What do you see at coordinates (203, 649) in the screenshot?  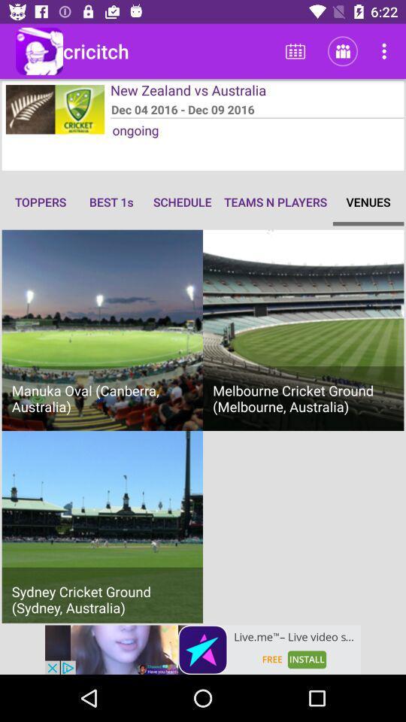 I see `advertisement option` at bounding box center [203, 649].